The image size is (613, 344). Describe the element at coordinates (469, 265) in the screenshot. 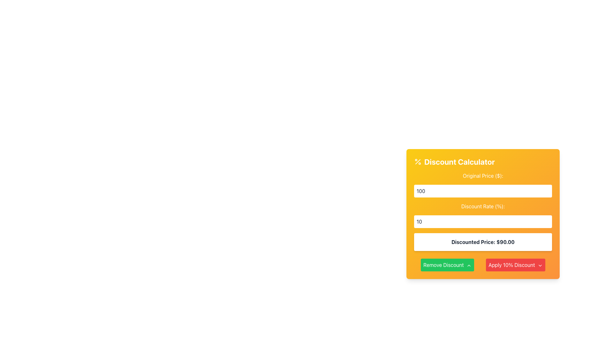

I see `the chevron icon located at the right end of the 'Remove Discount' button, which indicates additional options related to the discount feature` at that location.